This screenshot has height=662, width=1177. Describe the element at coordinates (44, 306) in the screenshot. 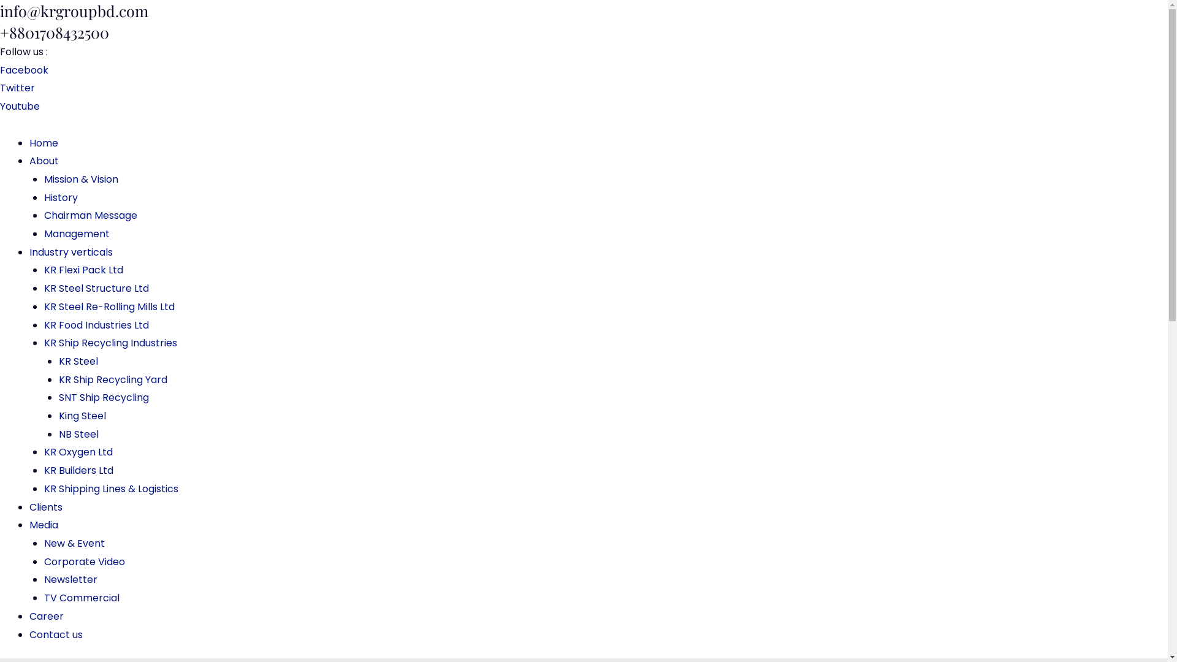

I see `'KR Steel Re-Rolling Mills Ltd'` at that location.